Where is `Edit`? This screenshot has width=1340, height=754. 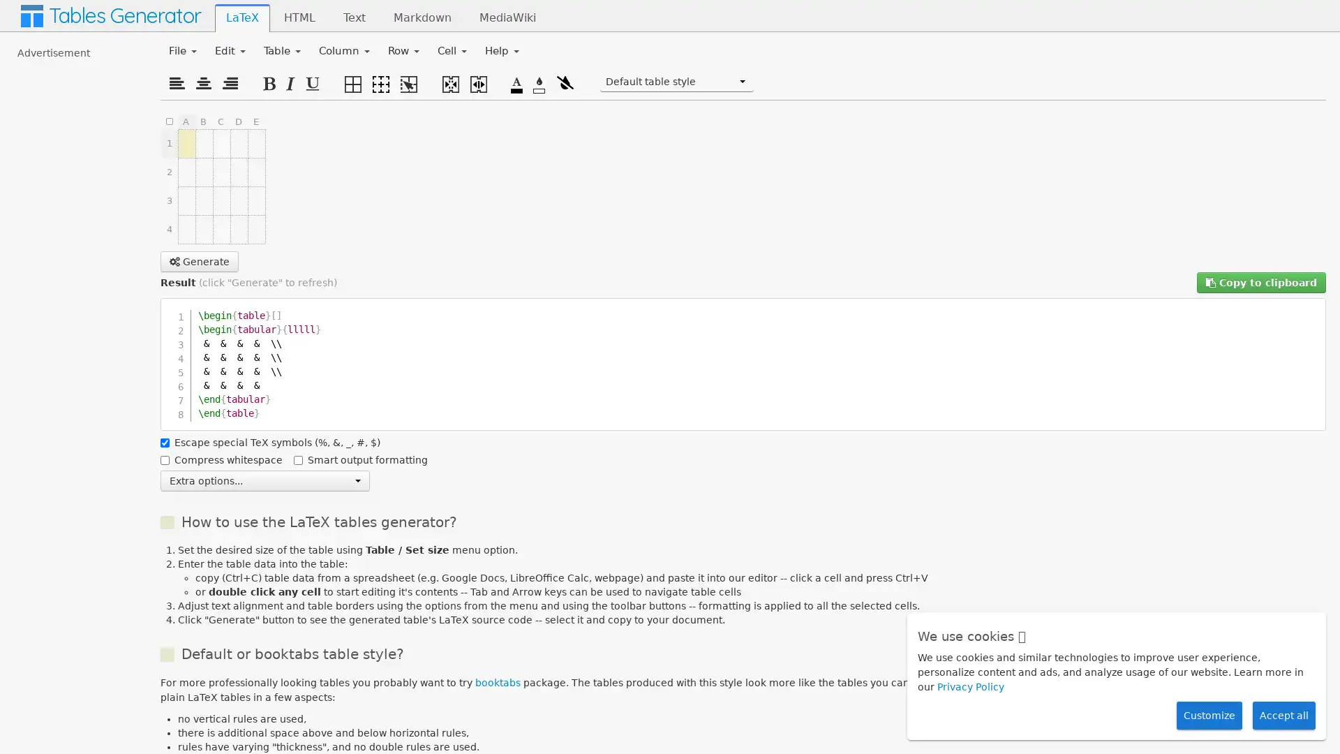 Edit is located at coordinates (230, 50).